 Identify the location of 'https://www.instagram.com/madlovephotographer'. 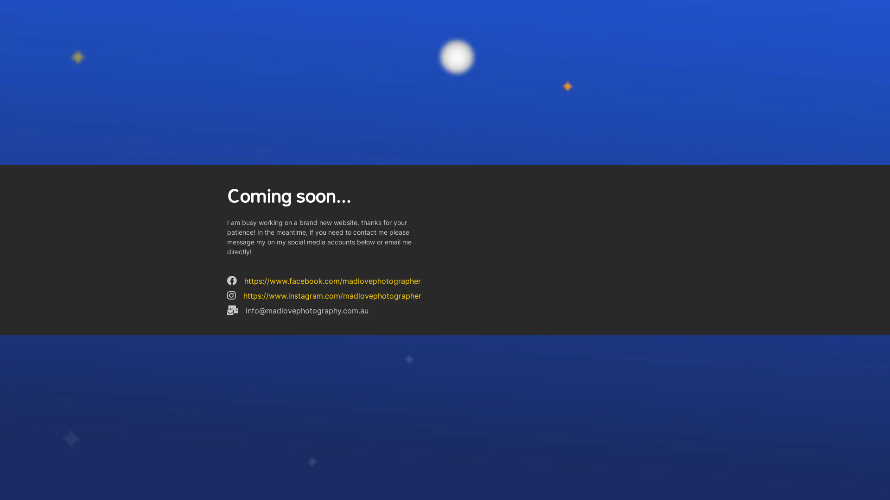
(332, 296).